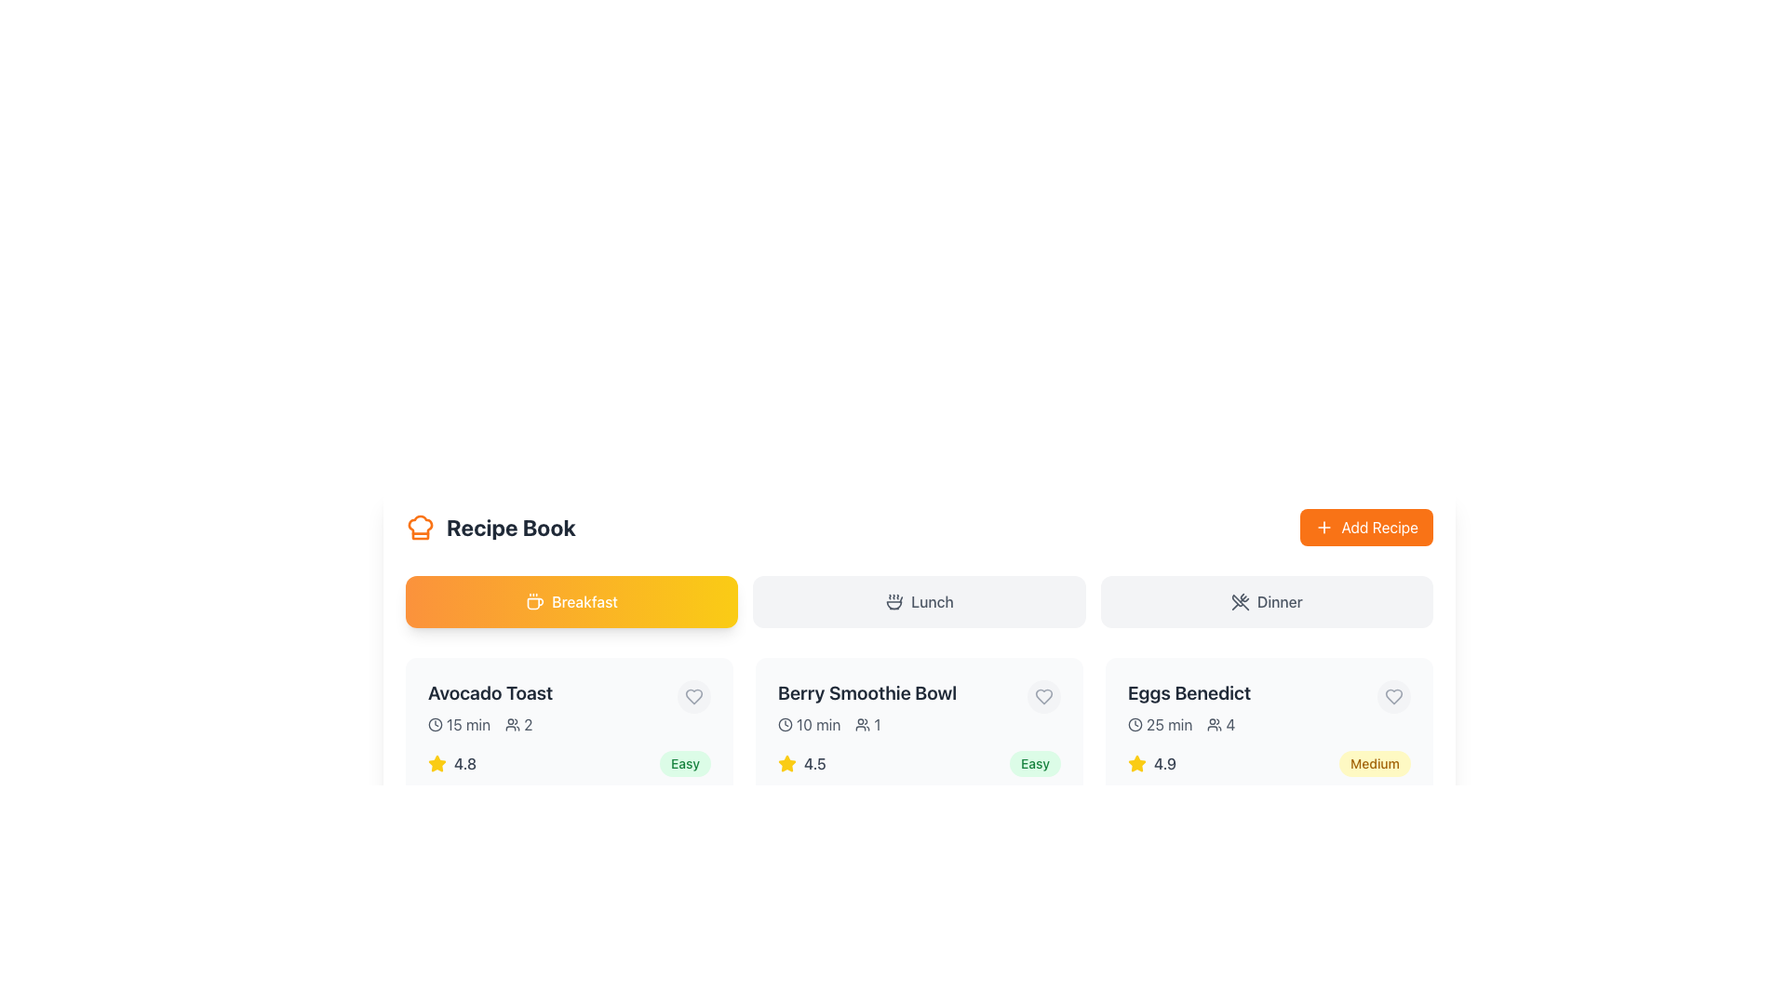 This screenshot has height=1005, width=1787. Describe the element at coordinates (1134, 724) in the screenshot. I see `the static clock icon located to the left of the text '25 min' in the 'Eggs Benedict' section of the 'Dinner' tab` at that location.